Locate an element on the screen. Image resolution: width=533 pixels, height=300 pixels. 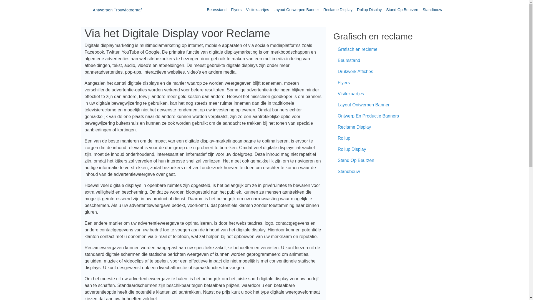
'Stand Op Beurzen' is located at coordinates (402, 10).